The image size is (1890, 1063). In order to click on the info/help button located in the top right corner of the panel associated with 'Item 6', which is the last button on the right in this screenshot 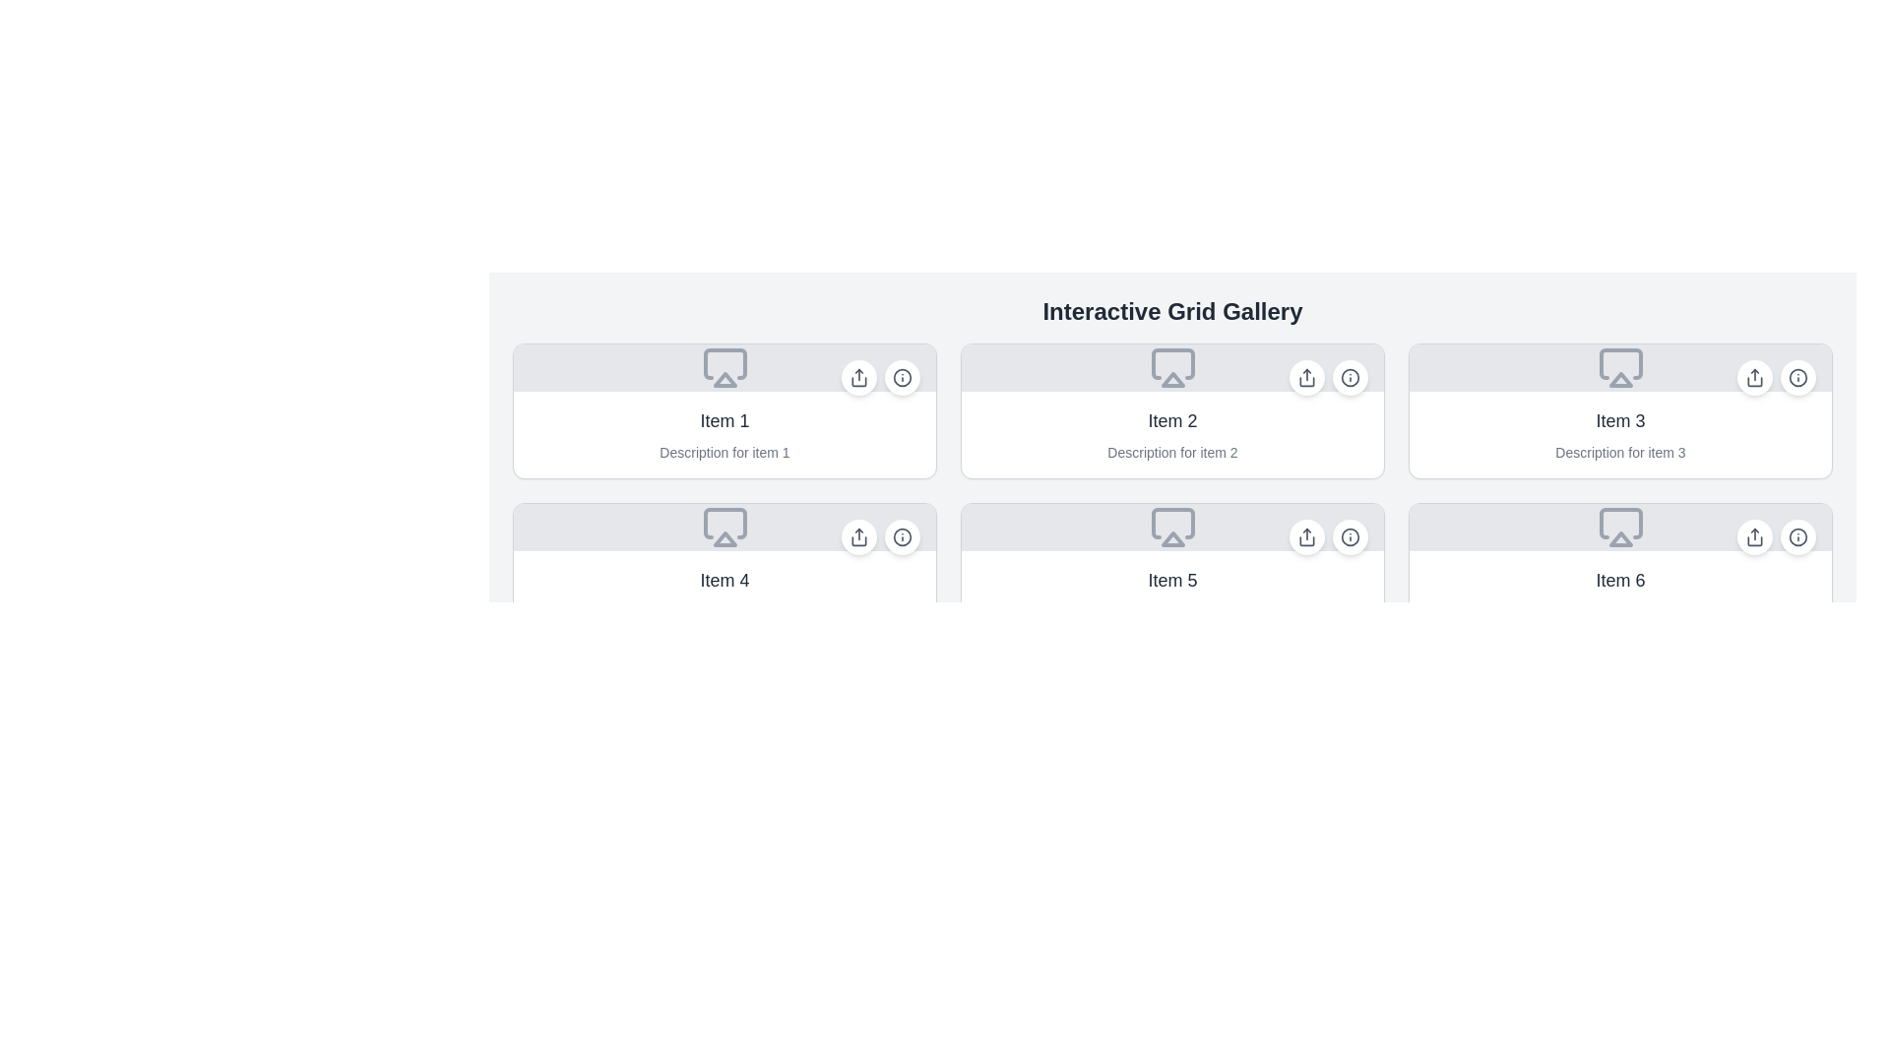, I will do `click(1798, 537)`.